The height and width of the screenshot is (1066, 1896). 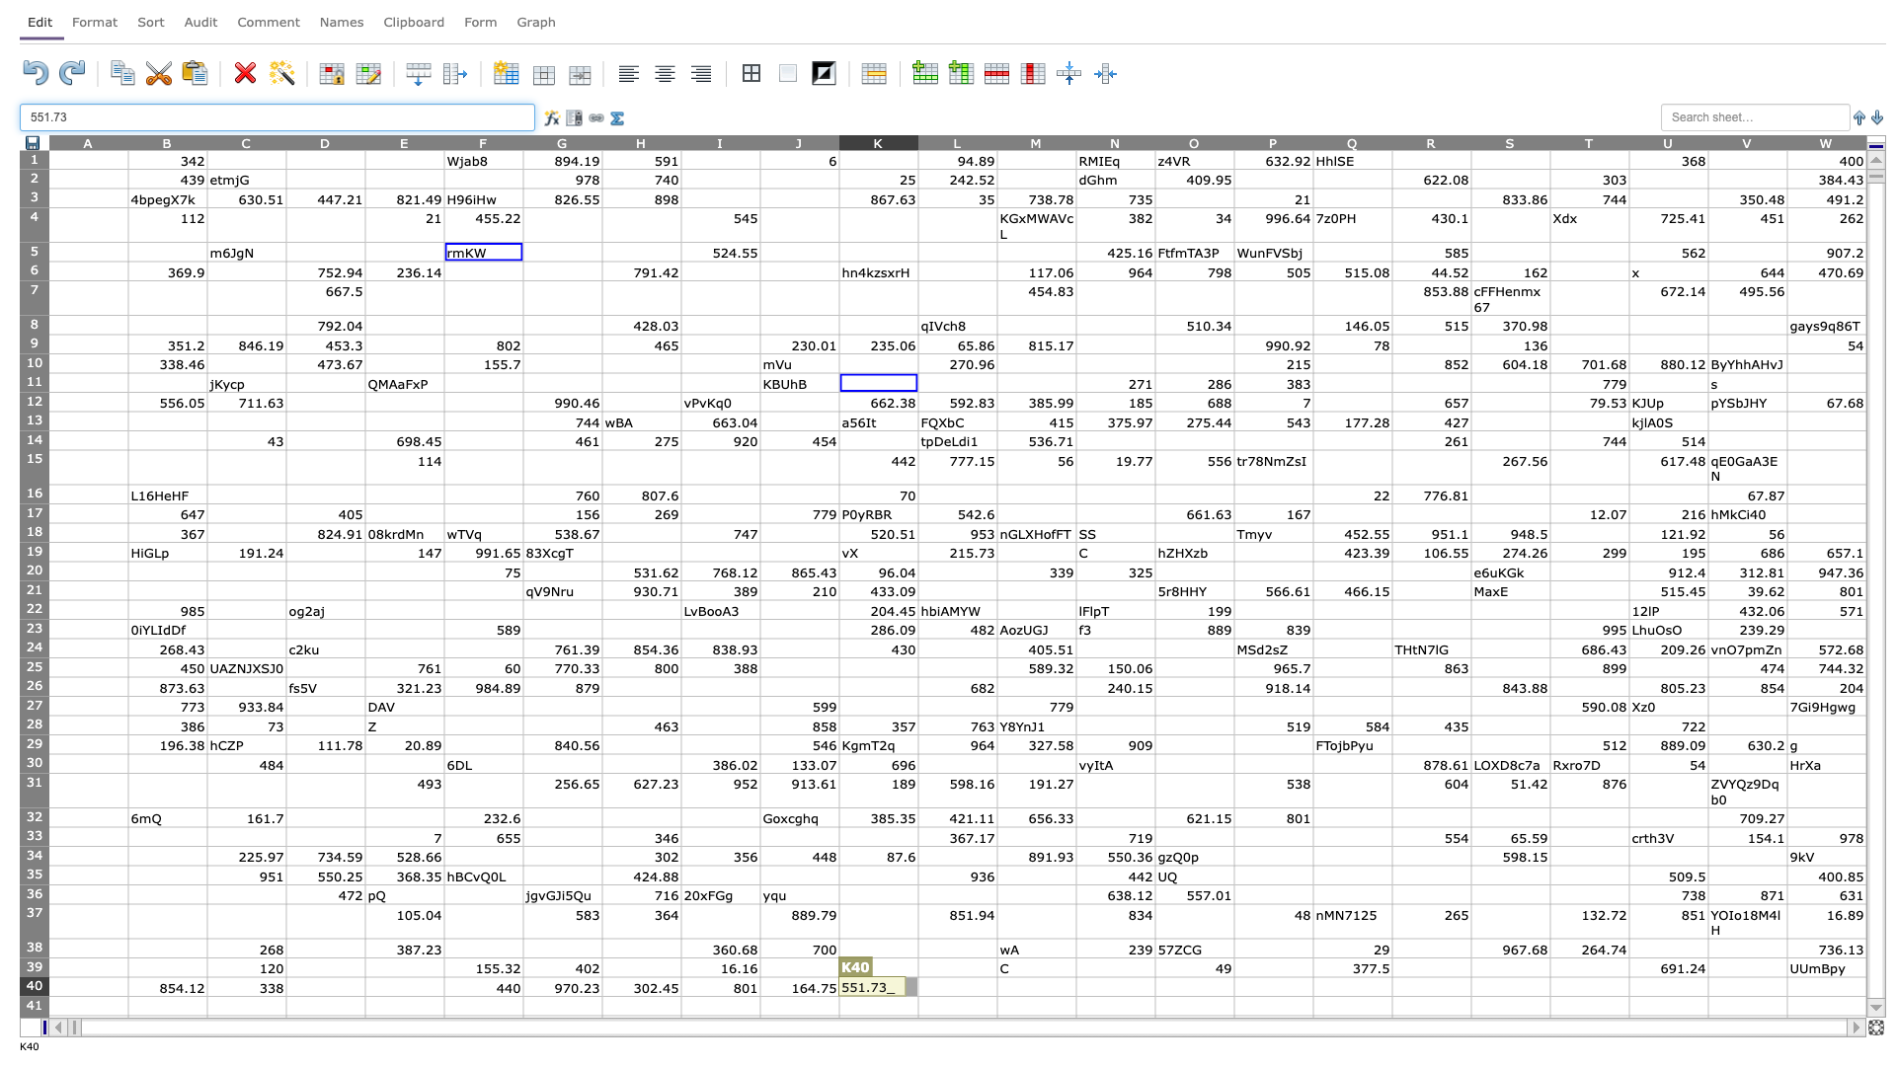 What do you see at coordinates (1074, 986) in the screenshot?
I see `left edge of N40` at bounding box center [1074, 986].